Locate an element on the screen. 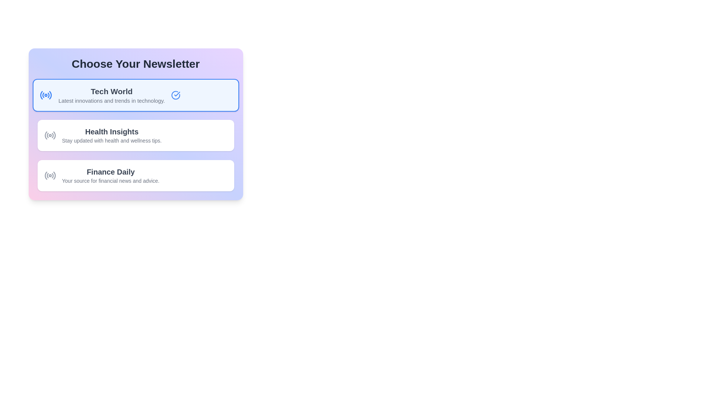 The width and height of the screenshot is (715, 402). the 'Health Insights' interactive card, which features a rounded corner design, a prominent heading in bold dark gray, and a subtext in lighter gray is located at coordinates (136, 135).